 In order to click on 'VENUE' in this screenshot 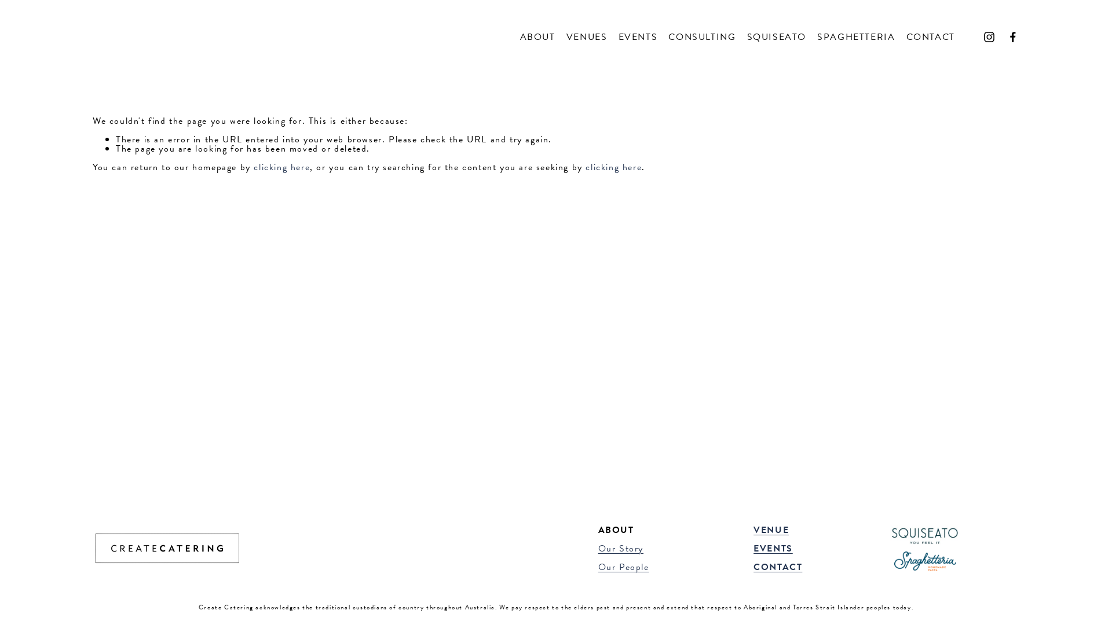, I will do `click(771, 530)`.